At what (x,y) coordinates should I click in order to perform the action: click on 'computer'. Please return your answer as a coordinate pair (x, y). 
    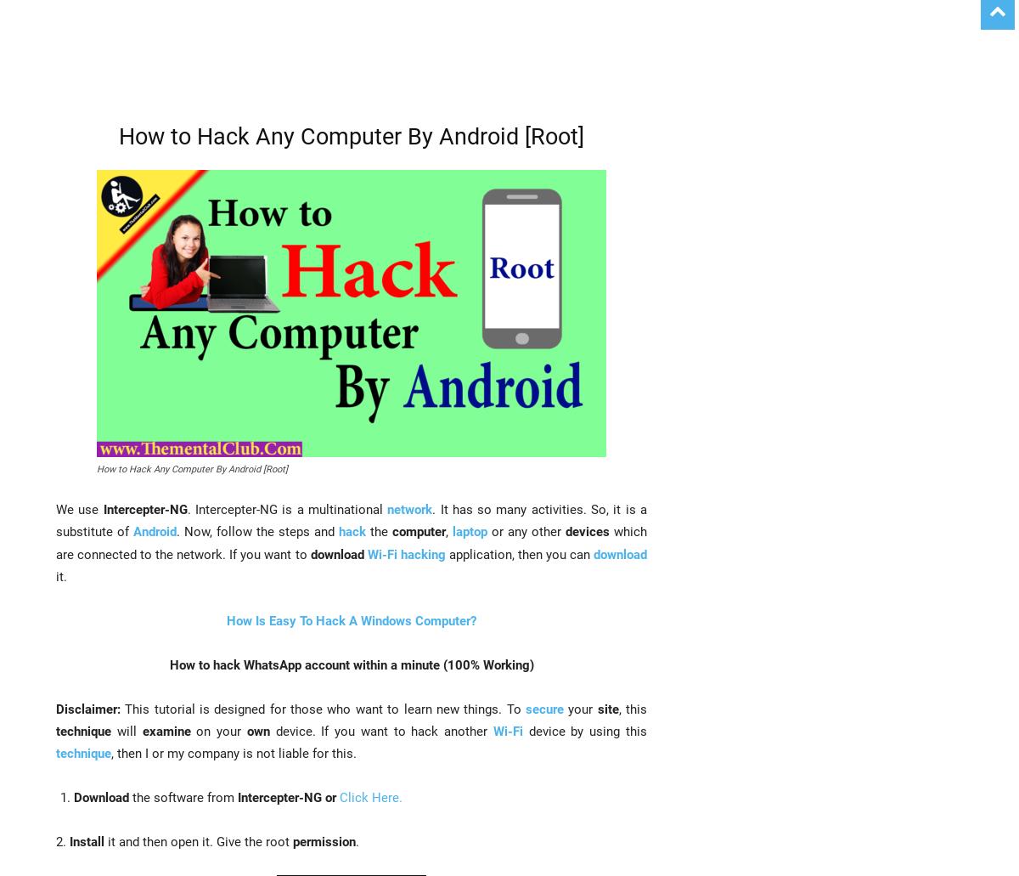
    Looking at the image, I should click on (418, 532).